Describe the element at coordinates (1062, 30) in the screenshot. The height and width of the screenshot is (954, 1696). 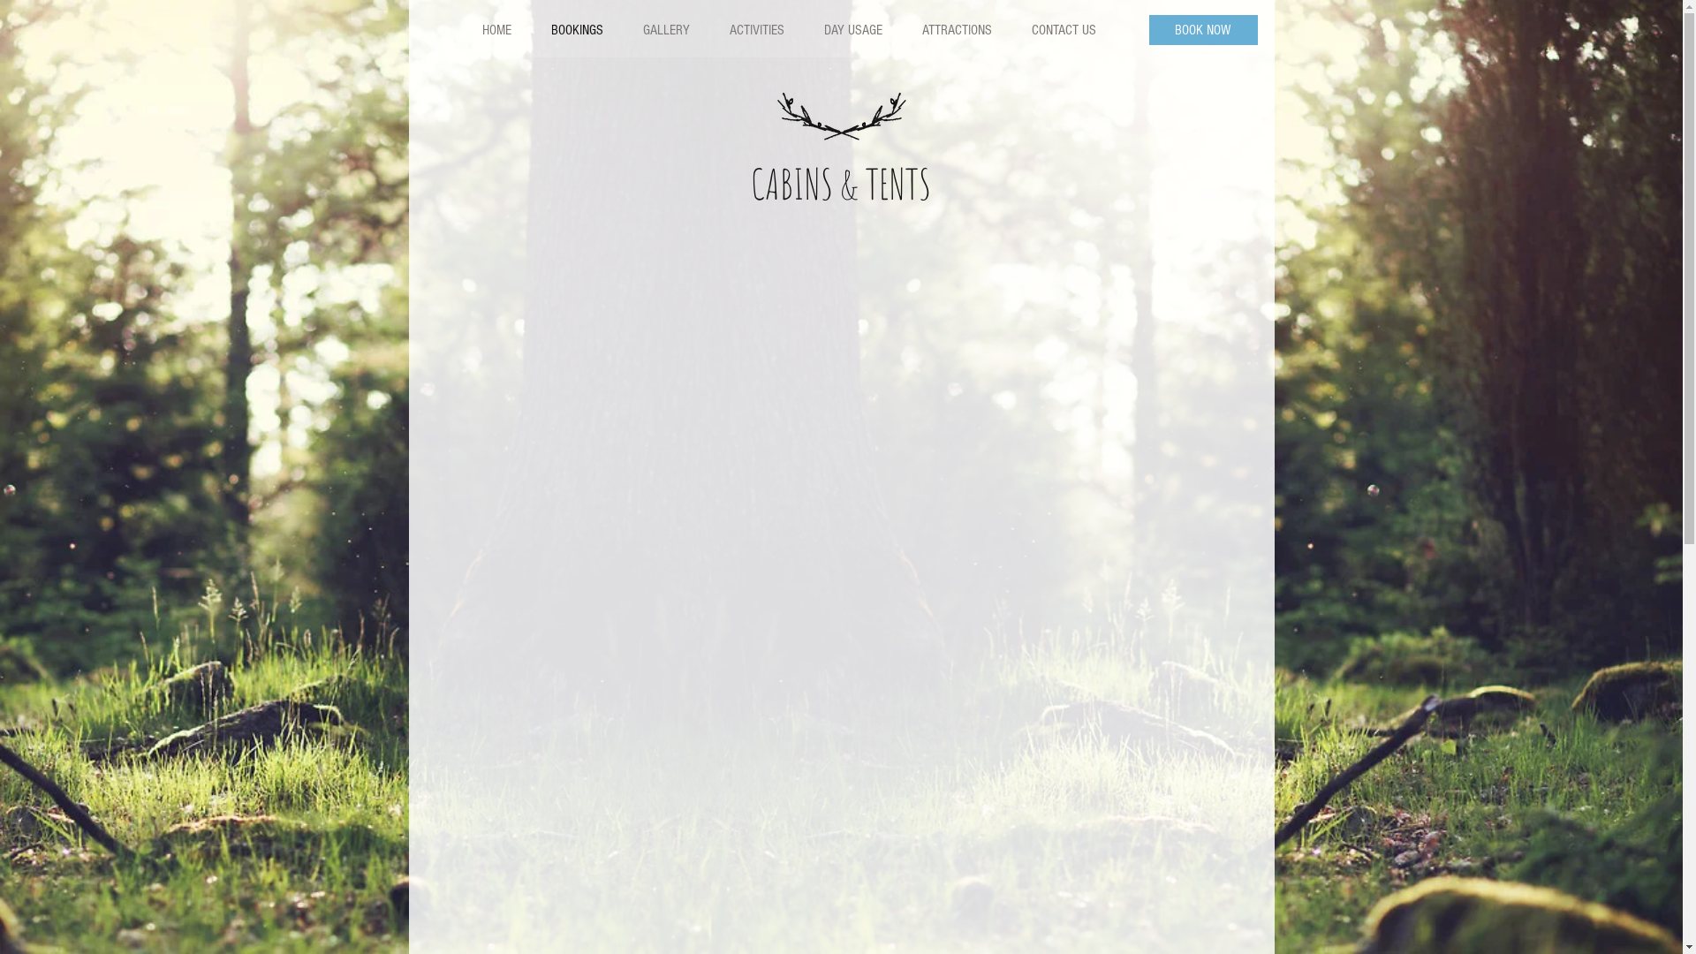
I see `'CONTACT US'` at that location.